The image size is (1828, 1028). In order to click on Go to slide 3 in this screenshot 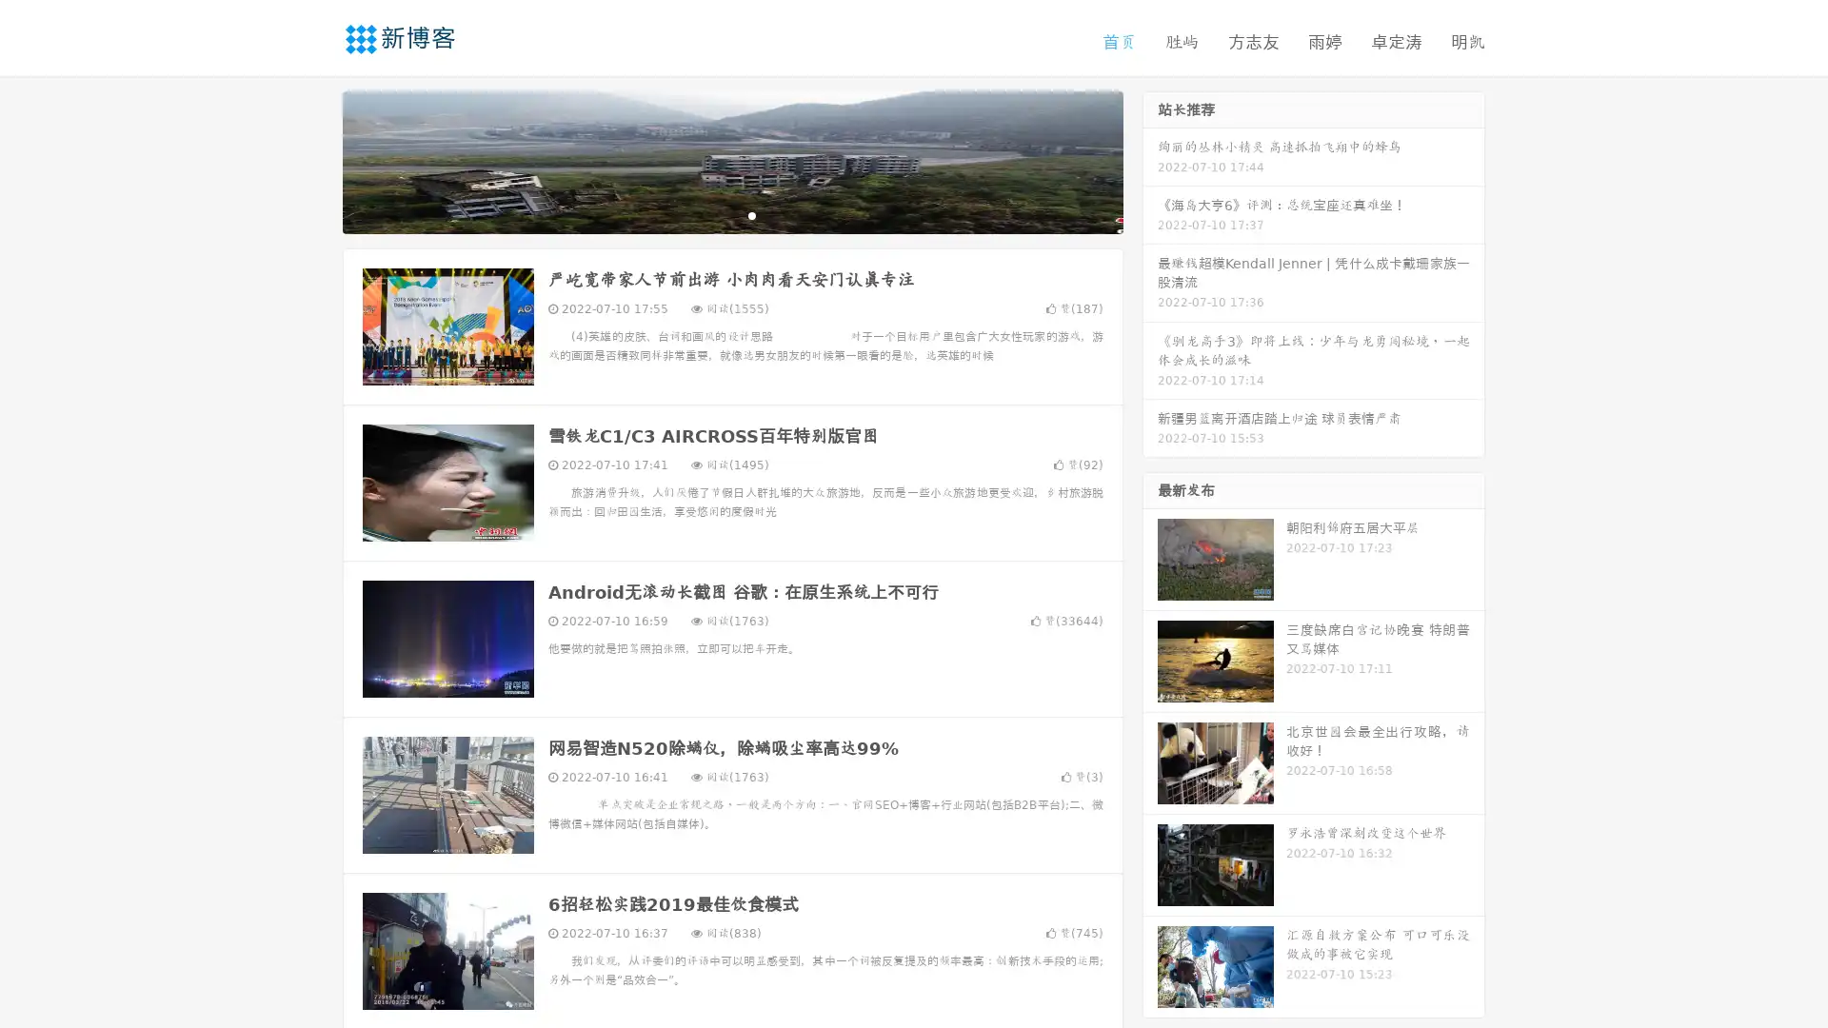, I will do `click(751, 214)`.